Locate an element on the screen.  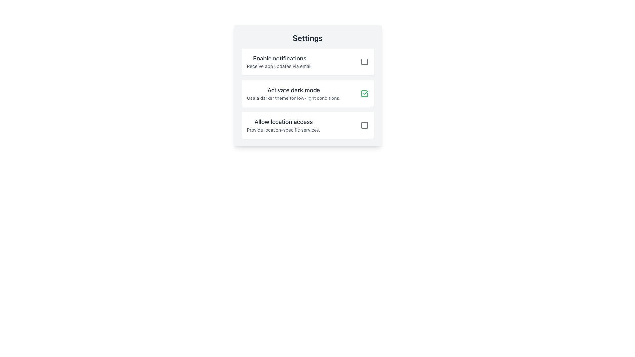
the informative text that explains the 'Activate dark mode' setting, located directly below the title text and centered in the overall settings layout is located at coordinates (293, 98).